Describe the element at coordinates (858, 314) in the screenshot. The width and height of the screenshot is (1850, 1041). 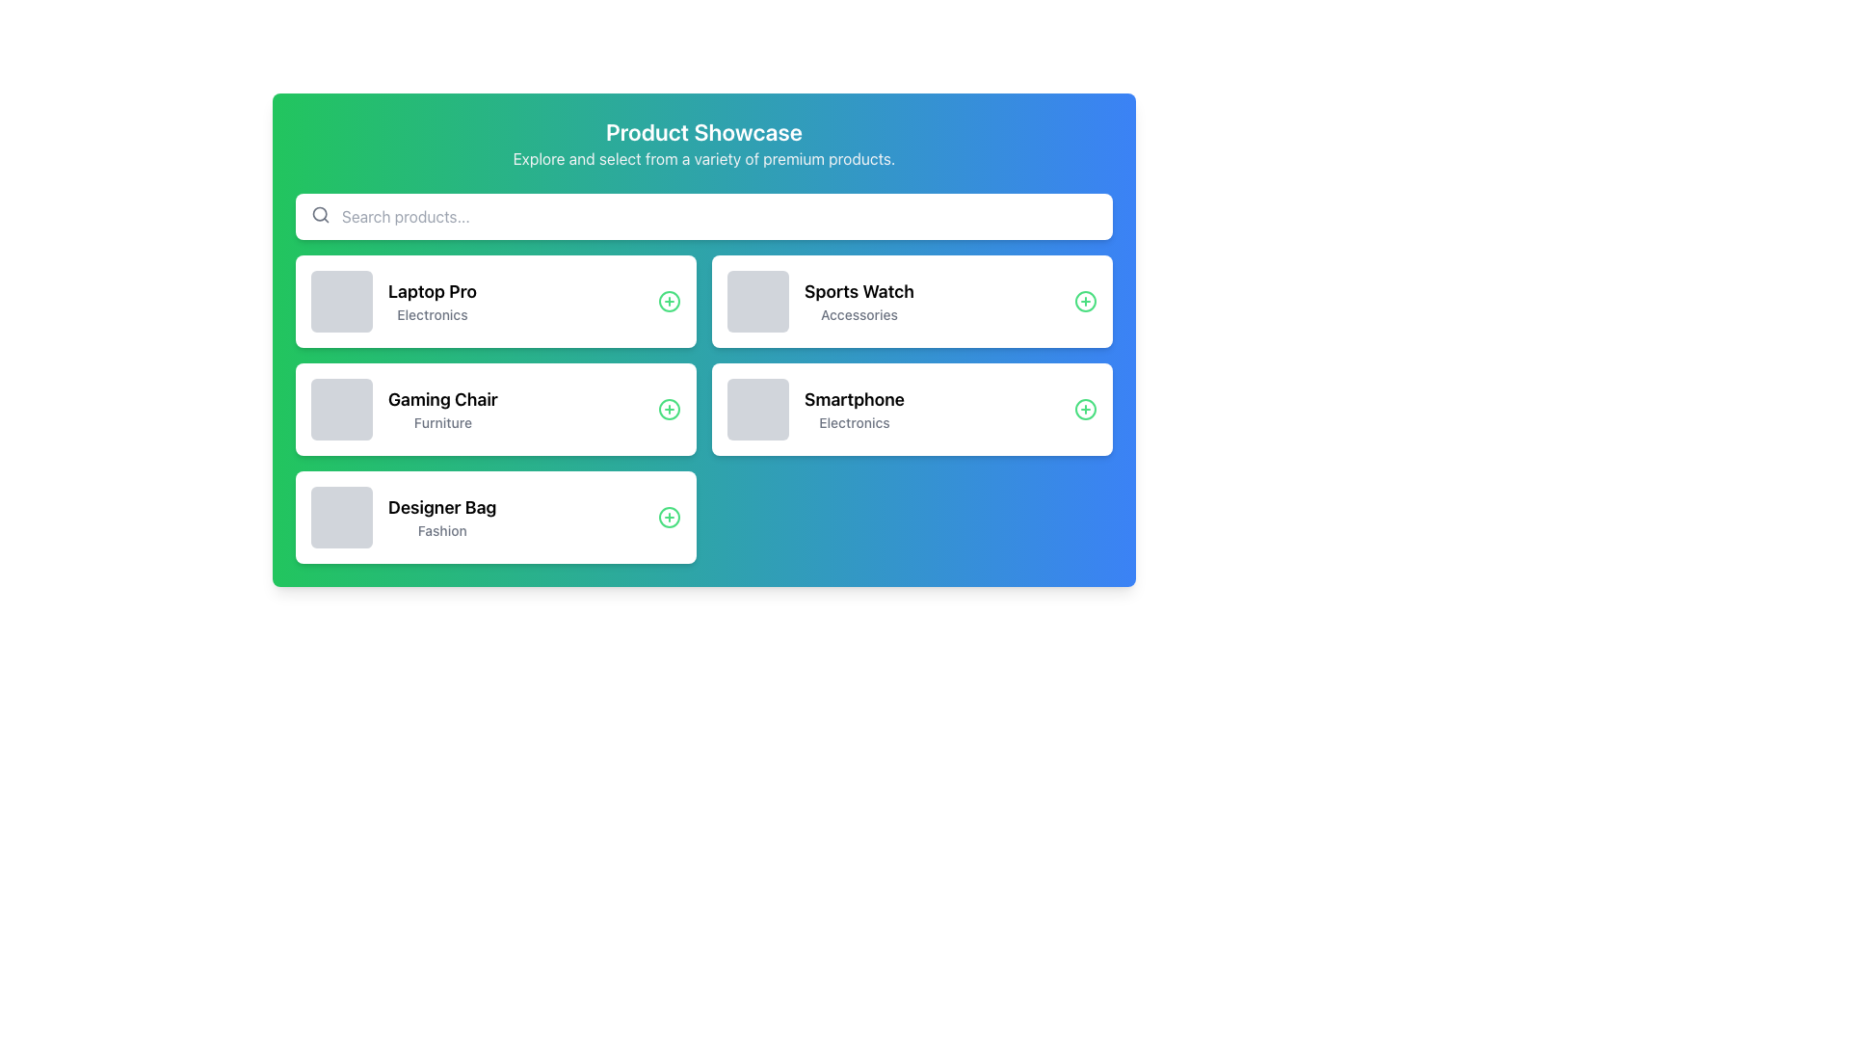
I see `the Static Text Label that describes the 'Sports Watch' item, located directly below the 'Sports Watch' text in the right-side card of the second row in the grid layout` at that location.